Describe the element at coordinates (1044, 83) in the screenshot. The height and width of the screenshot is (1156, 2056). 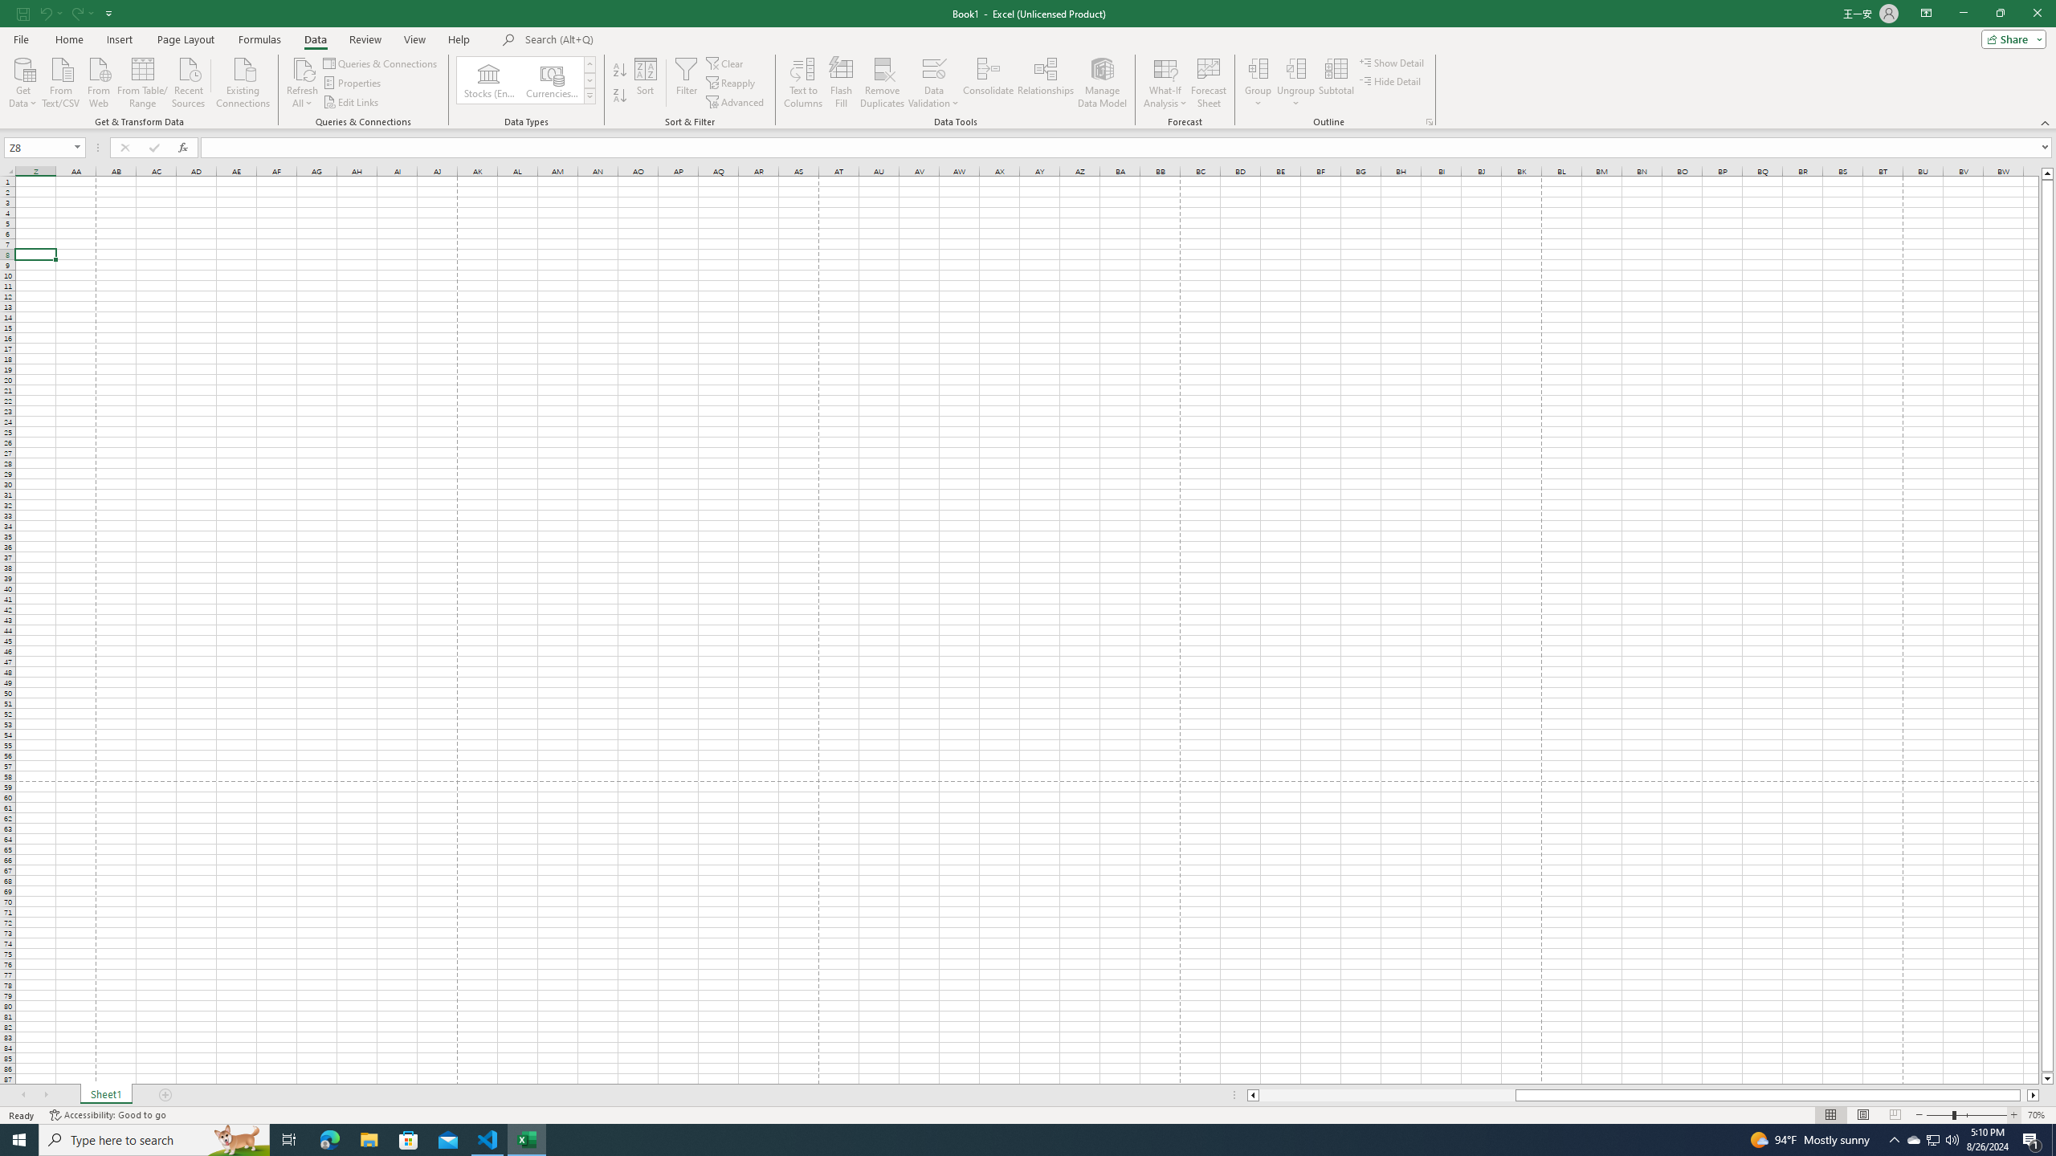
I see `'Relationships'` at that location.